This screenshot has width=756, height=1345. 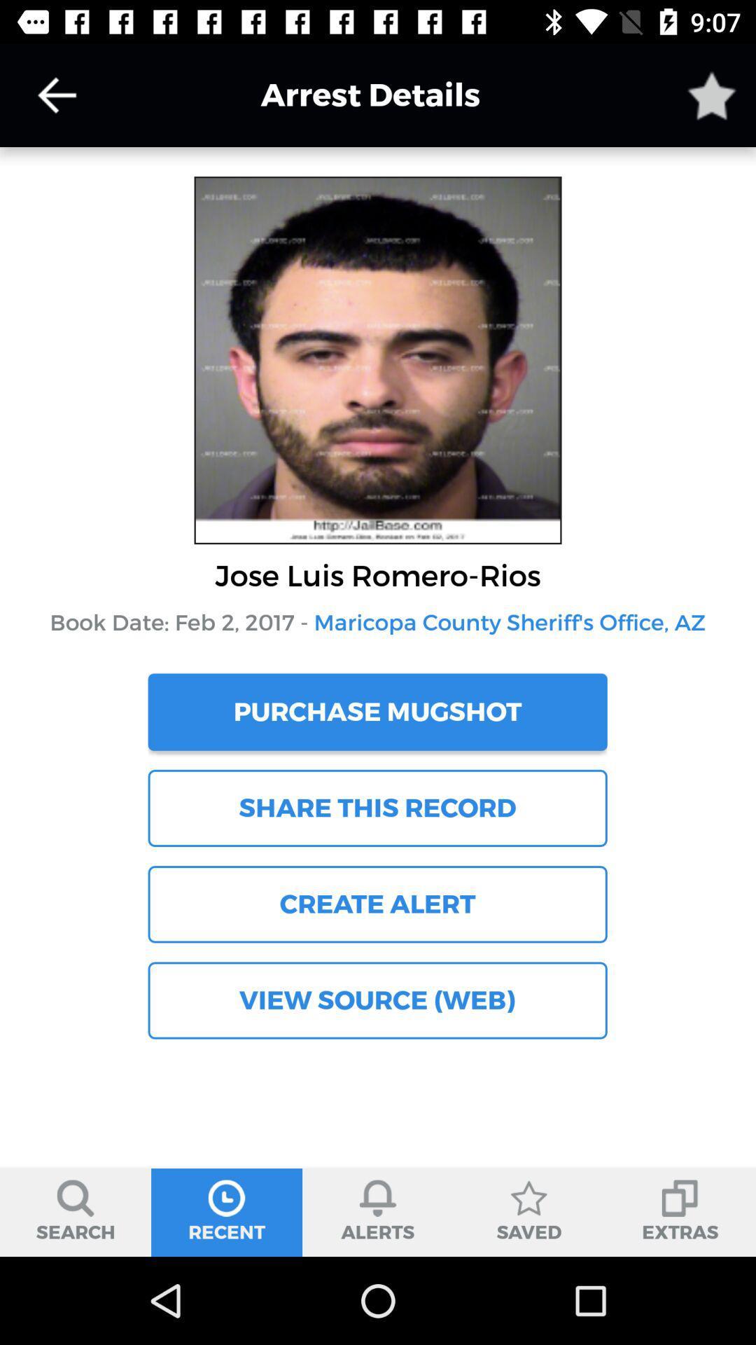 What do you see at coordinates (377, 904) in the screenshot?
I see `item above view source (web) item` at bounding box center [377, 904].